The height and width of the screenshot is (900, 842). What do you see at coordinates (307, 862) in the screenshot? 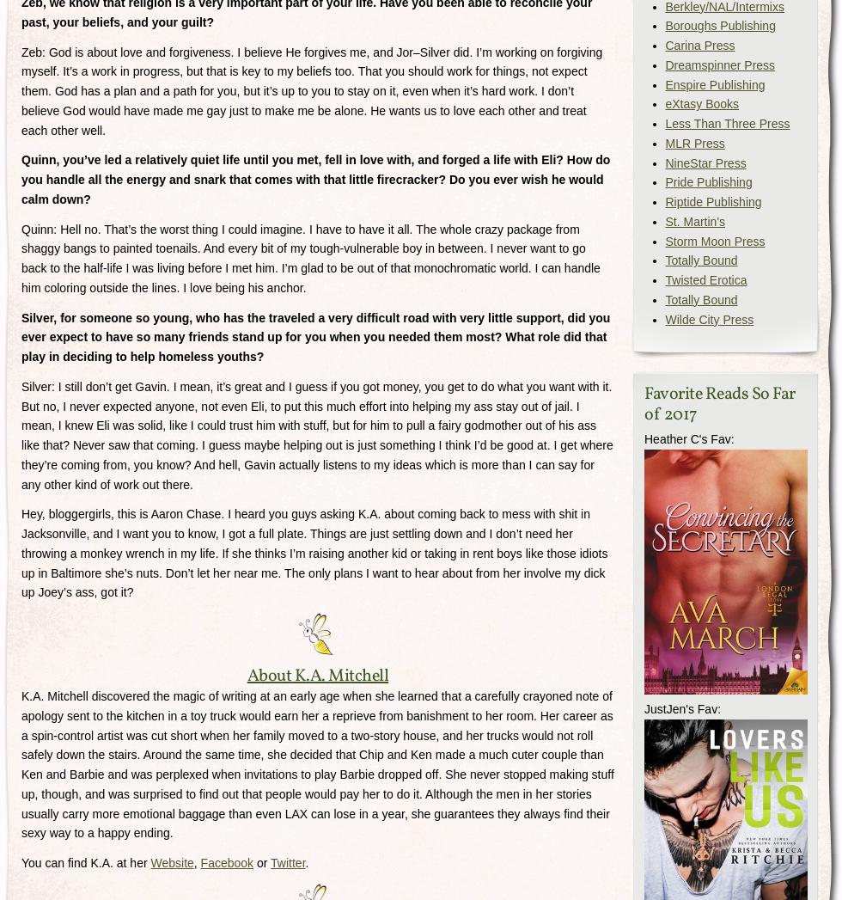
I see `'.'` at bounding box center [307, 862].